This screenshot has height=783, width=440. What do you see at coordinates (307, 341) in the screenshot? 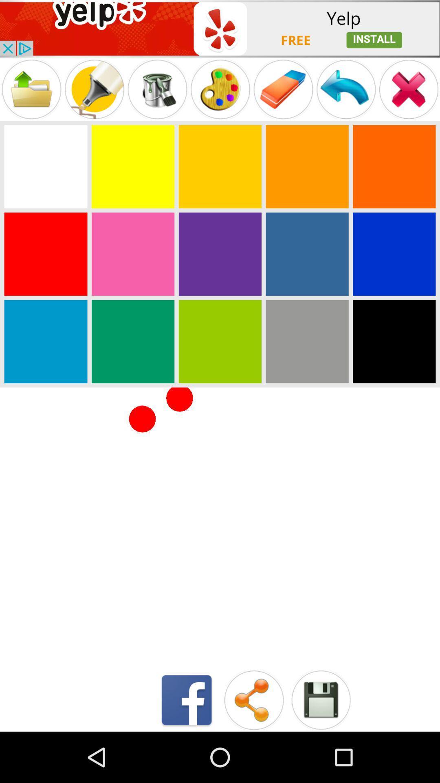
I see `picks color` at bounding box center [307, 341].